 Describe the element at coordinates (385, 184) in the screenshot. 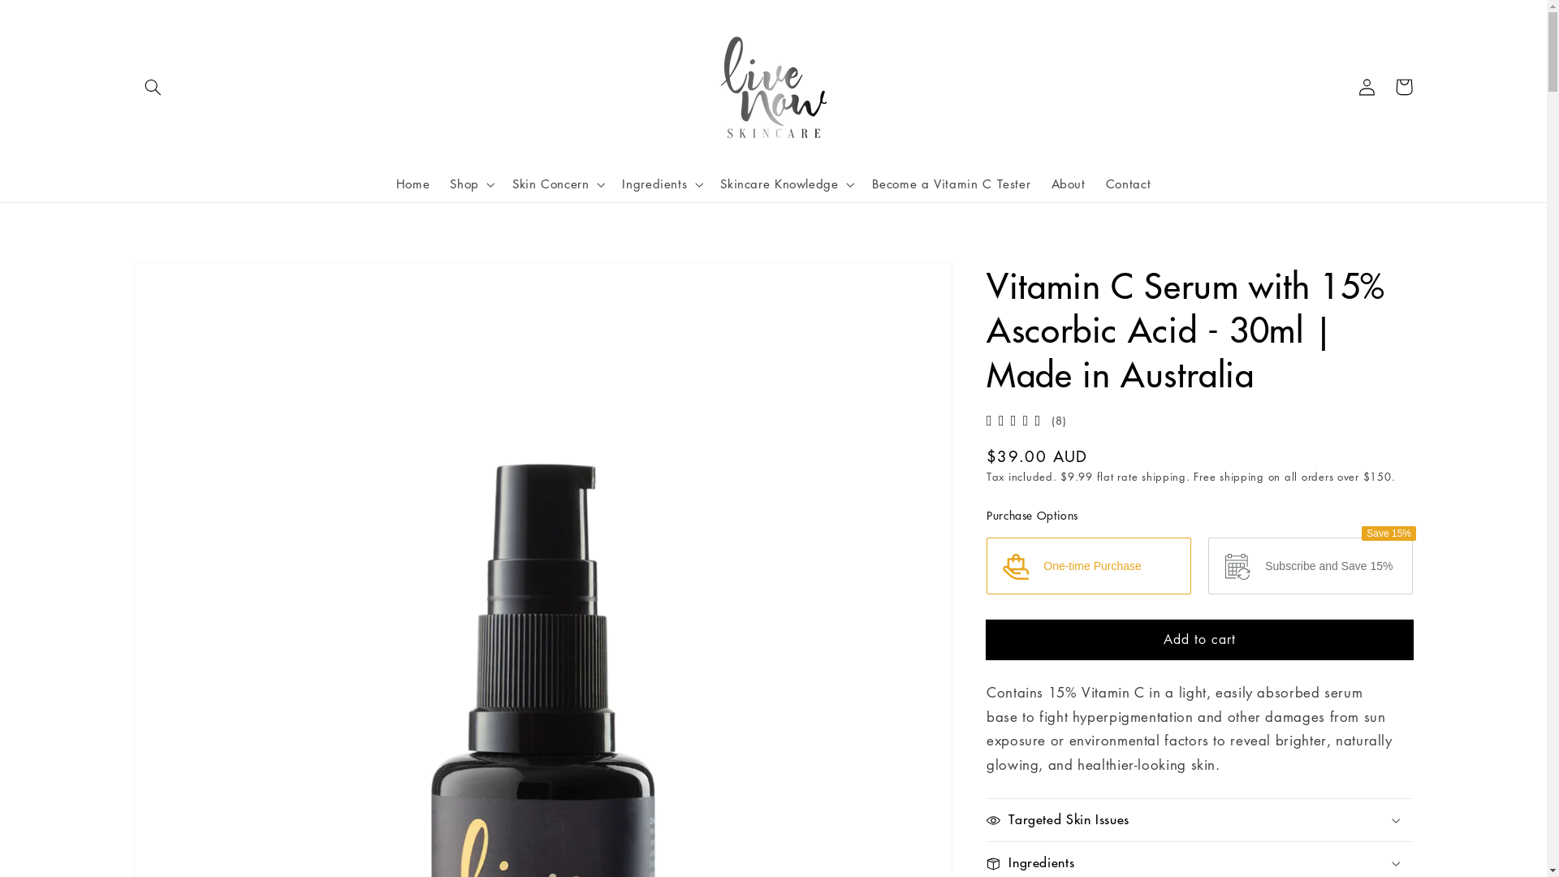

I see `'Home'` at that location.